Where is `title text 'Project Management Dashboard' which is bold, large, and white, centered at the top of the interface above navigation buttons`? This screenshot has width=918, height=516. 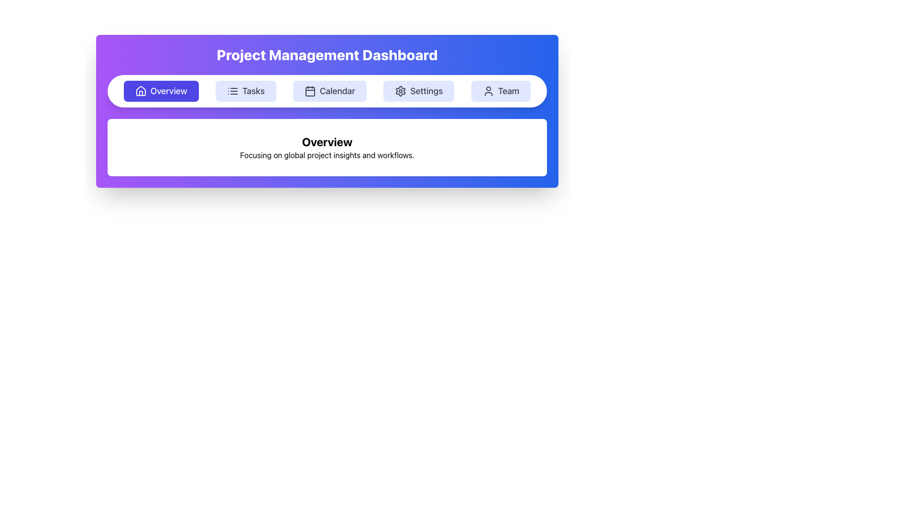
title text 'Project Management Dashboard' which is bold, large, and white, centered at the top of the interface above navigation buttons is located at coordinates (327, 55).